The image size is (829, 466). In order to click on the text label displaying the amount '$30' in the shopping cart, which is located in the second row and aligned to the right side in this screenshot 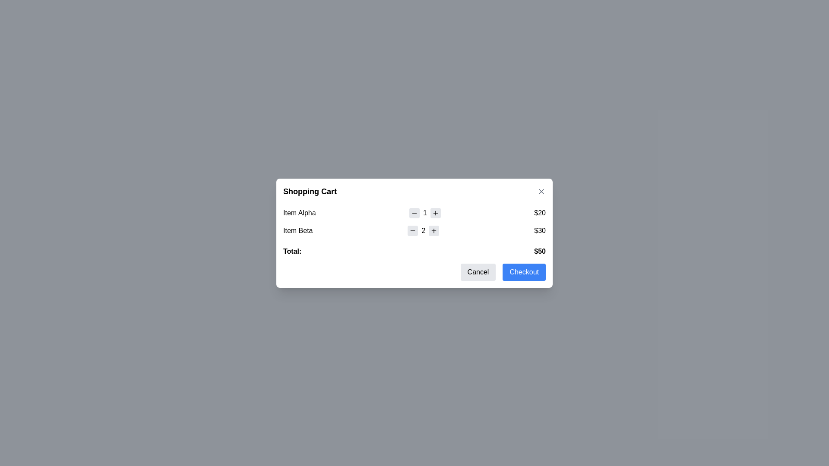, I will do `click(539, 230)`.